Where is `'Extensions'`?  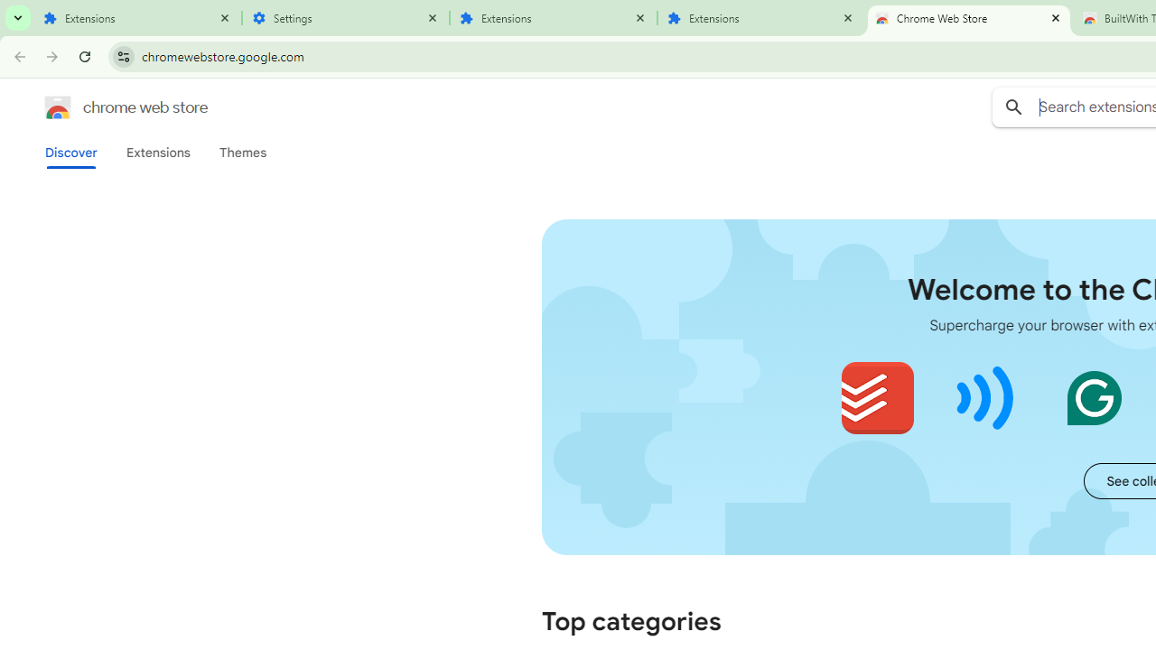 'Extensions' is located at coordinates (157, 152).